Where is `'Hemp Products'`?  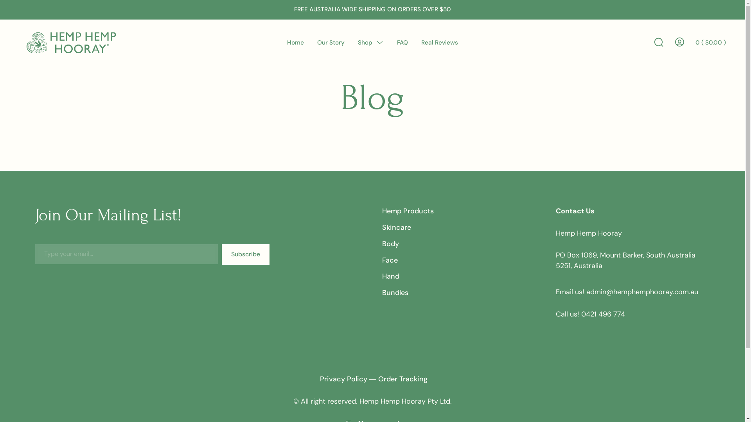 'Hemp Products' is located at coordinates (382, 211).